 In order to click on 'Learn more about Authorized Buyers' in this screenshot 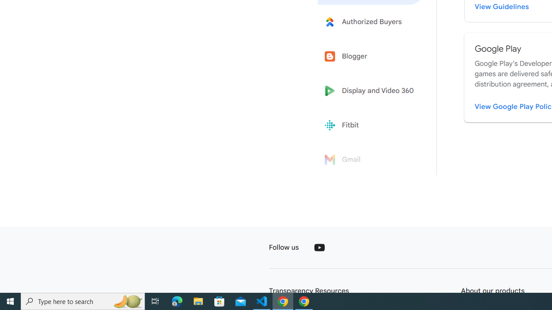, I will do `click(372, 21)`.